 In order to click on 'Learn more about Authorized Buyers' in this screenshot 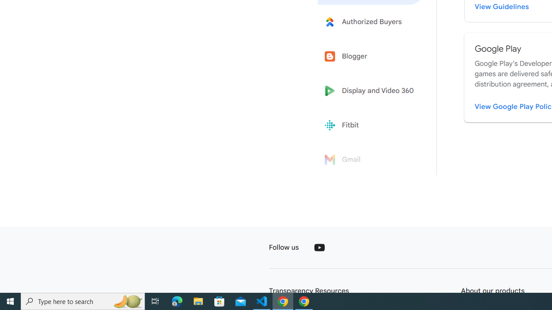, I will do `click(372, 21)`.